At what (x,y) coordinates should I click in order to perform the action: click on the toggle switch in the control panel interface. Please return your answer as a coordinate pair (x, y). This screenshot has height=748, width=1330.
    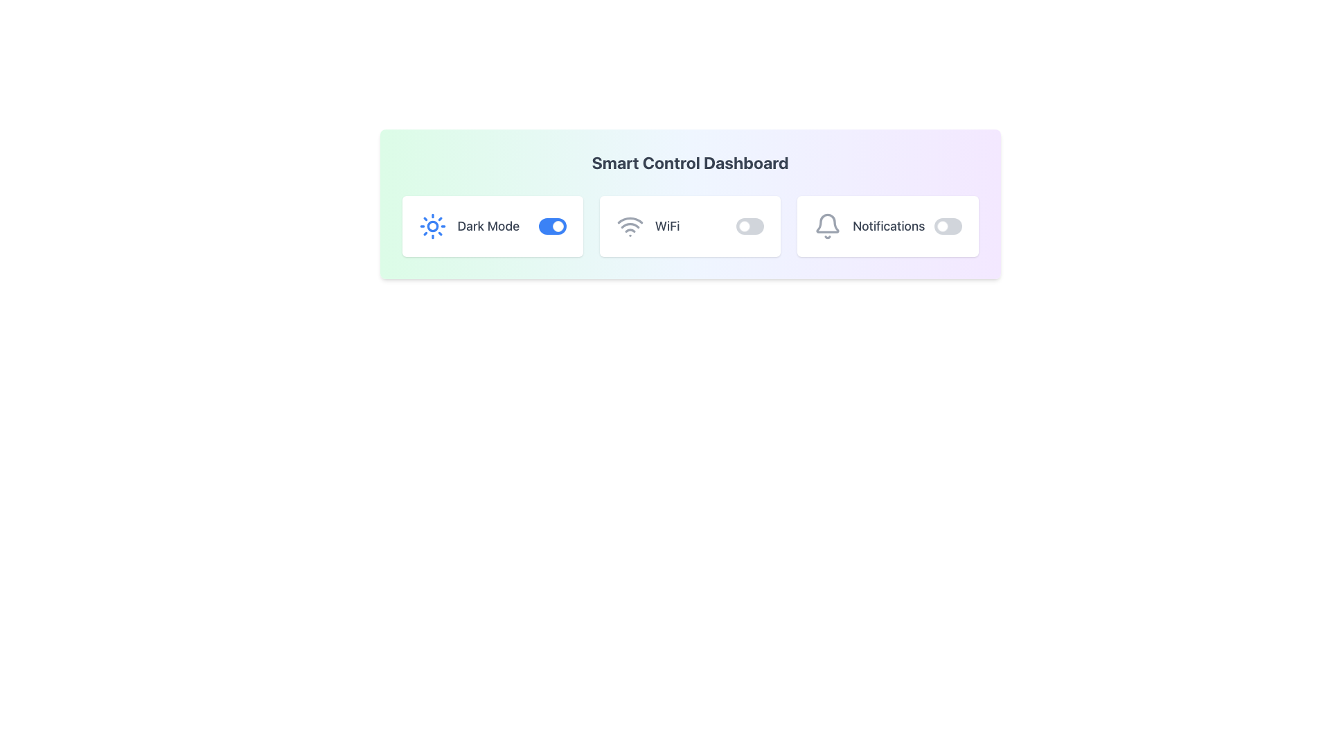
    Looking at the image, I should click on (690, 204).